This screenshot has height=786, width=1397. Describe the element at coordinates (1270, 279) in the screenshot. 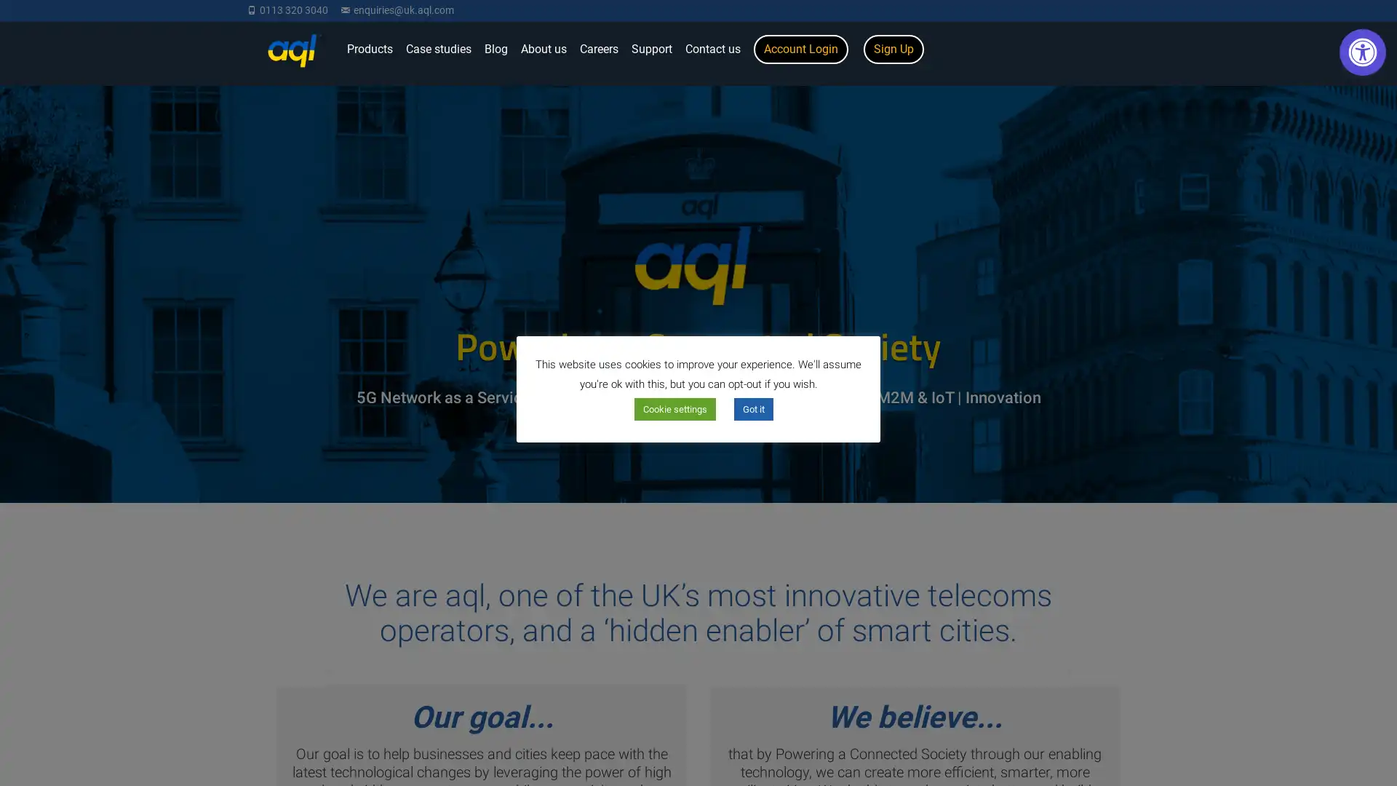

I see `Readable Fonts` at that location.